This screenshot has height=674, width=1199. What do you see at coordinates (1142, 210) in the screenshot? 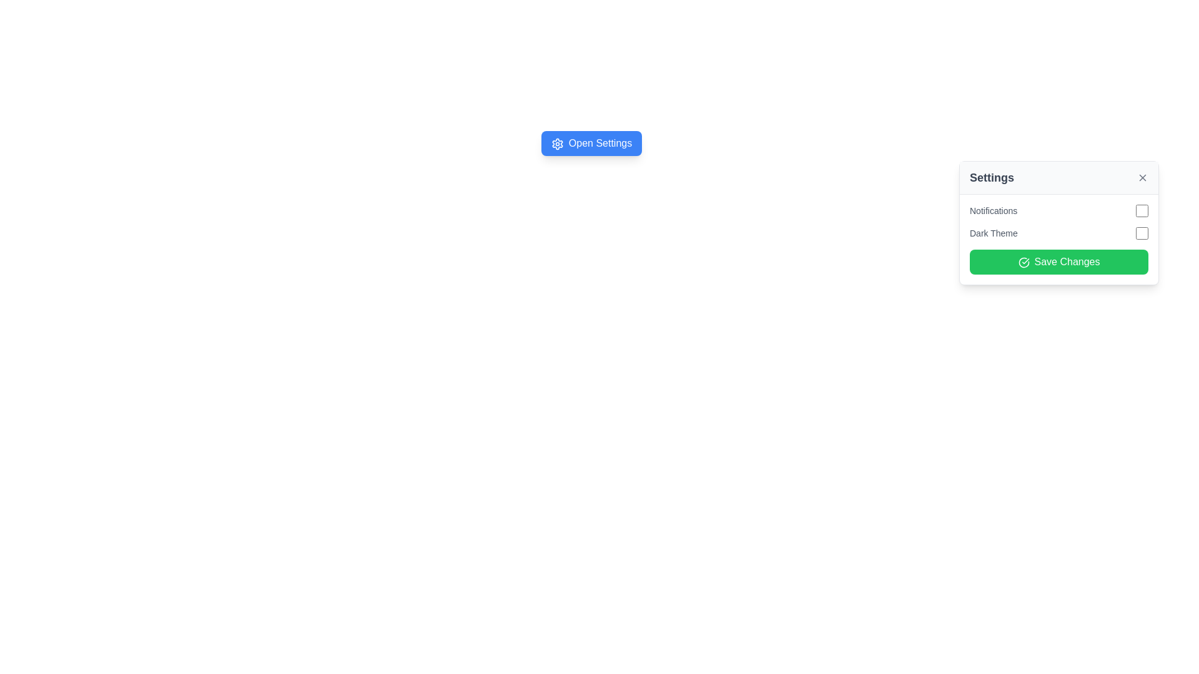
I see `the checkbox styled with a rounded design and blue accent color associated with the 'Notifications' label` at bounding box center [1142, 210].